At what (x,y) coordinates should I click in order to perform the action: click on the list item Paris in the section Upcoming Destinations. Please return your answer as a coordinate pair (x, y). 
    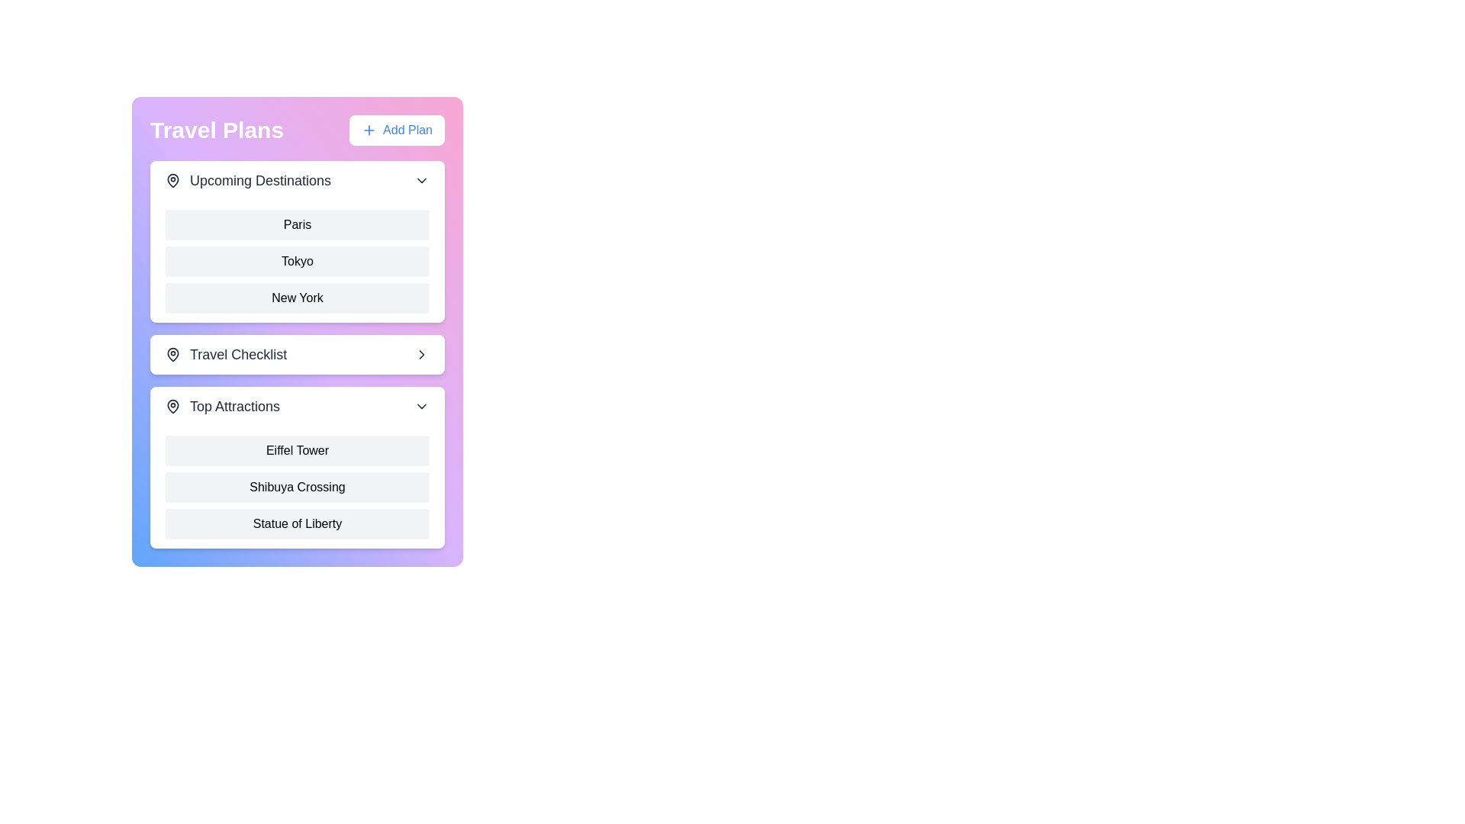
    Looking at the image, I should click on (297, 224).